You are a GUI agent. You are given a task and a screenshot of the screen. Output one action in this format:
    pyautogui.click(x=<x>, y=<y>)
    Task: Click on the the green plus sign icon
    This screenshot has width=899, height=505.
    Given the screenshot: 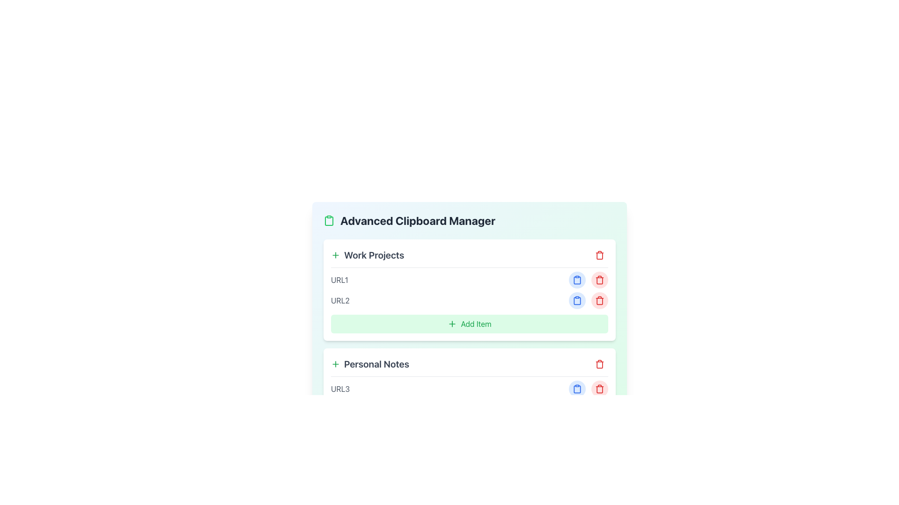 What is the action you would take?
    pyautogui.click(x=335, y=364)
    